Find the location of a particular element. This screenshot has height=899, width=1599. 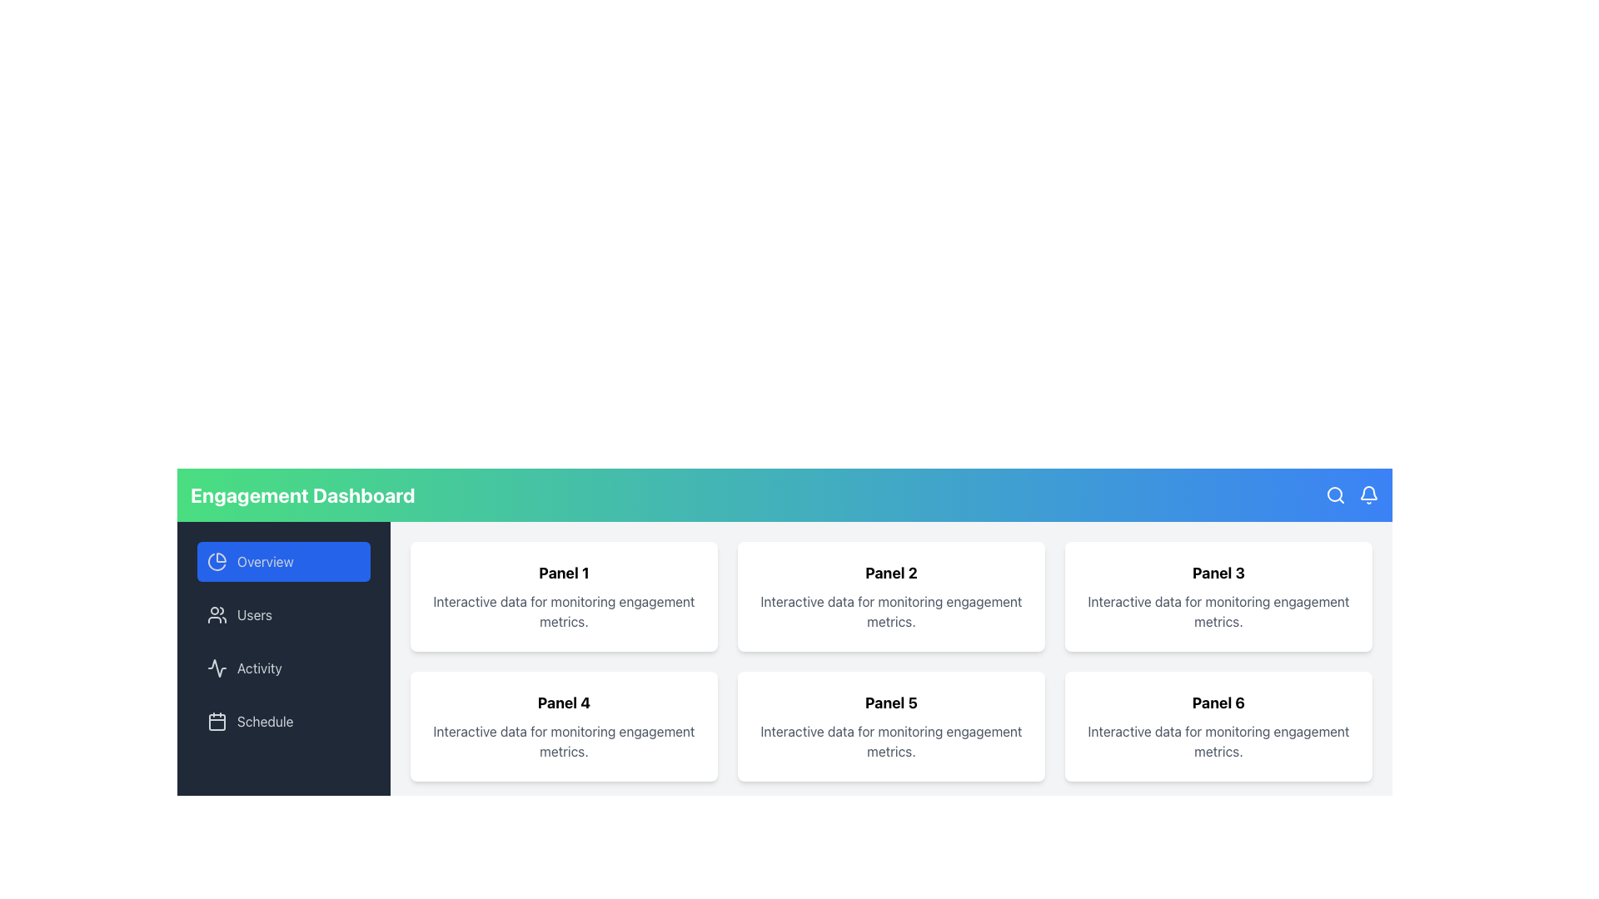

the Informational panel displaying 'Panel 6' and its description 'Interactive data for monitoring engagement metrics.' is located at coordinates (1218, 725).